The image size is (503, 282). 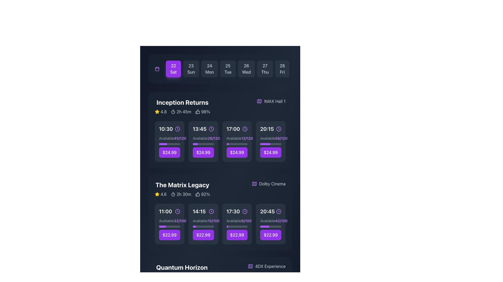 What do you see at coordinates (237, 221) in the screenshot?
I see `the text label displaying 'Available' in gray and '8/100' in purple, which indicates the availability for the movie 'The Matrix Legacy.'` at bounding box center [237, 221].